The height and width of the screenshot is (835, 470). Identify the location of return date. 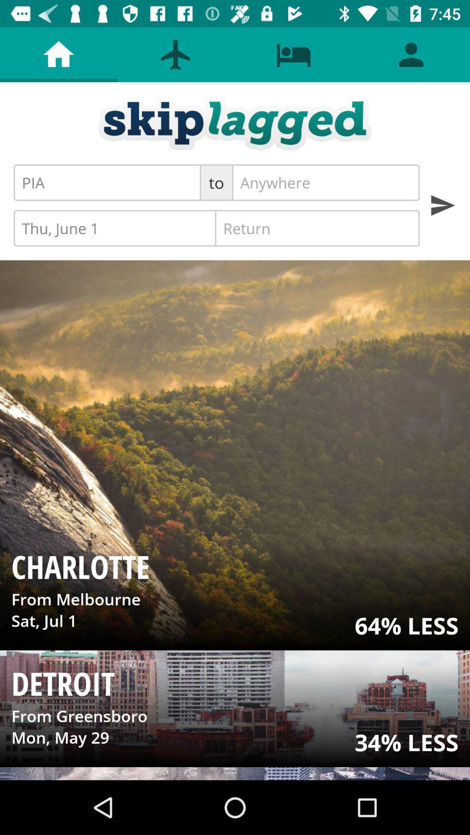
(317, 228).